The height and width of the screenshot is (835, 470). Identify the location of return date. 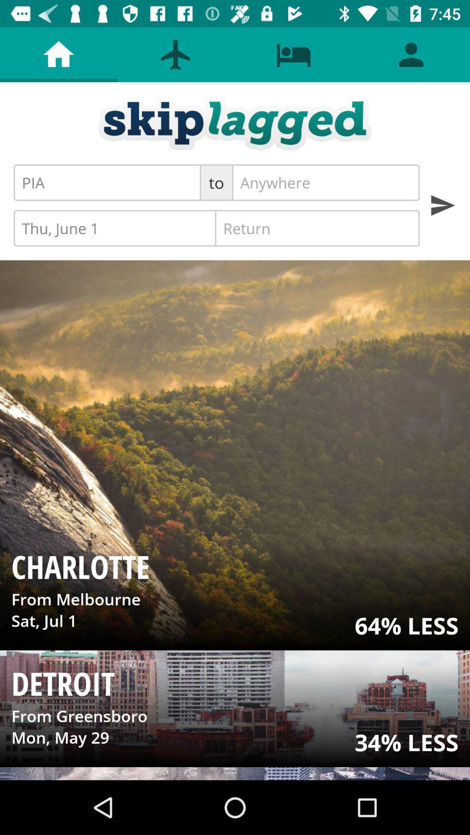
(317, 228).